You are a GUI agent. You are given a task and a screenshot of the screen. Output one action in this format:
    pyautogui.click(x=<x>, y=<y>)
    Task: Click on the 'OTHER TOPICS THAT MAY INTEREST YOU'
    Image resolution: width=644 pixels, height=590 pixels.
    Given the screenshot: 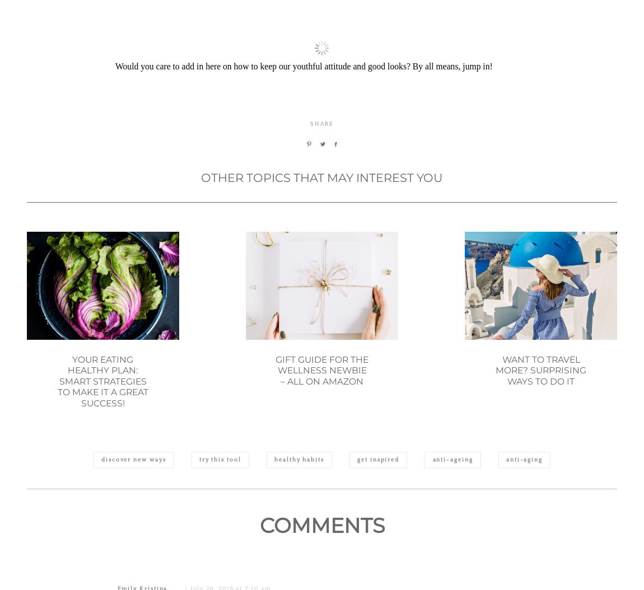 What is the action you would take?
    pyautogui.click(x=201, y=235)
    